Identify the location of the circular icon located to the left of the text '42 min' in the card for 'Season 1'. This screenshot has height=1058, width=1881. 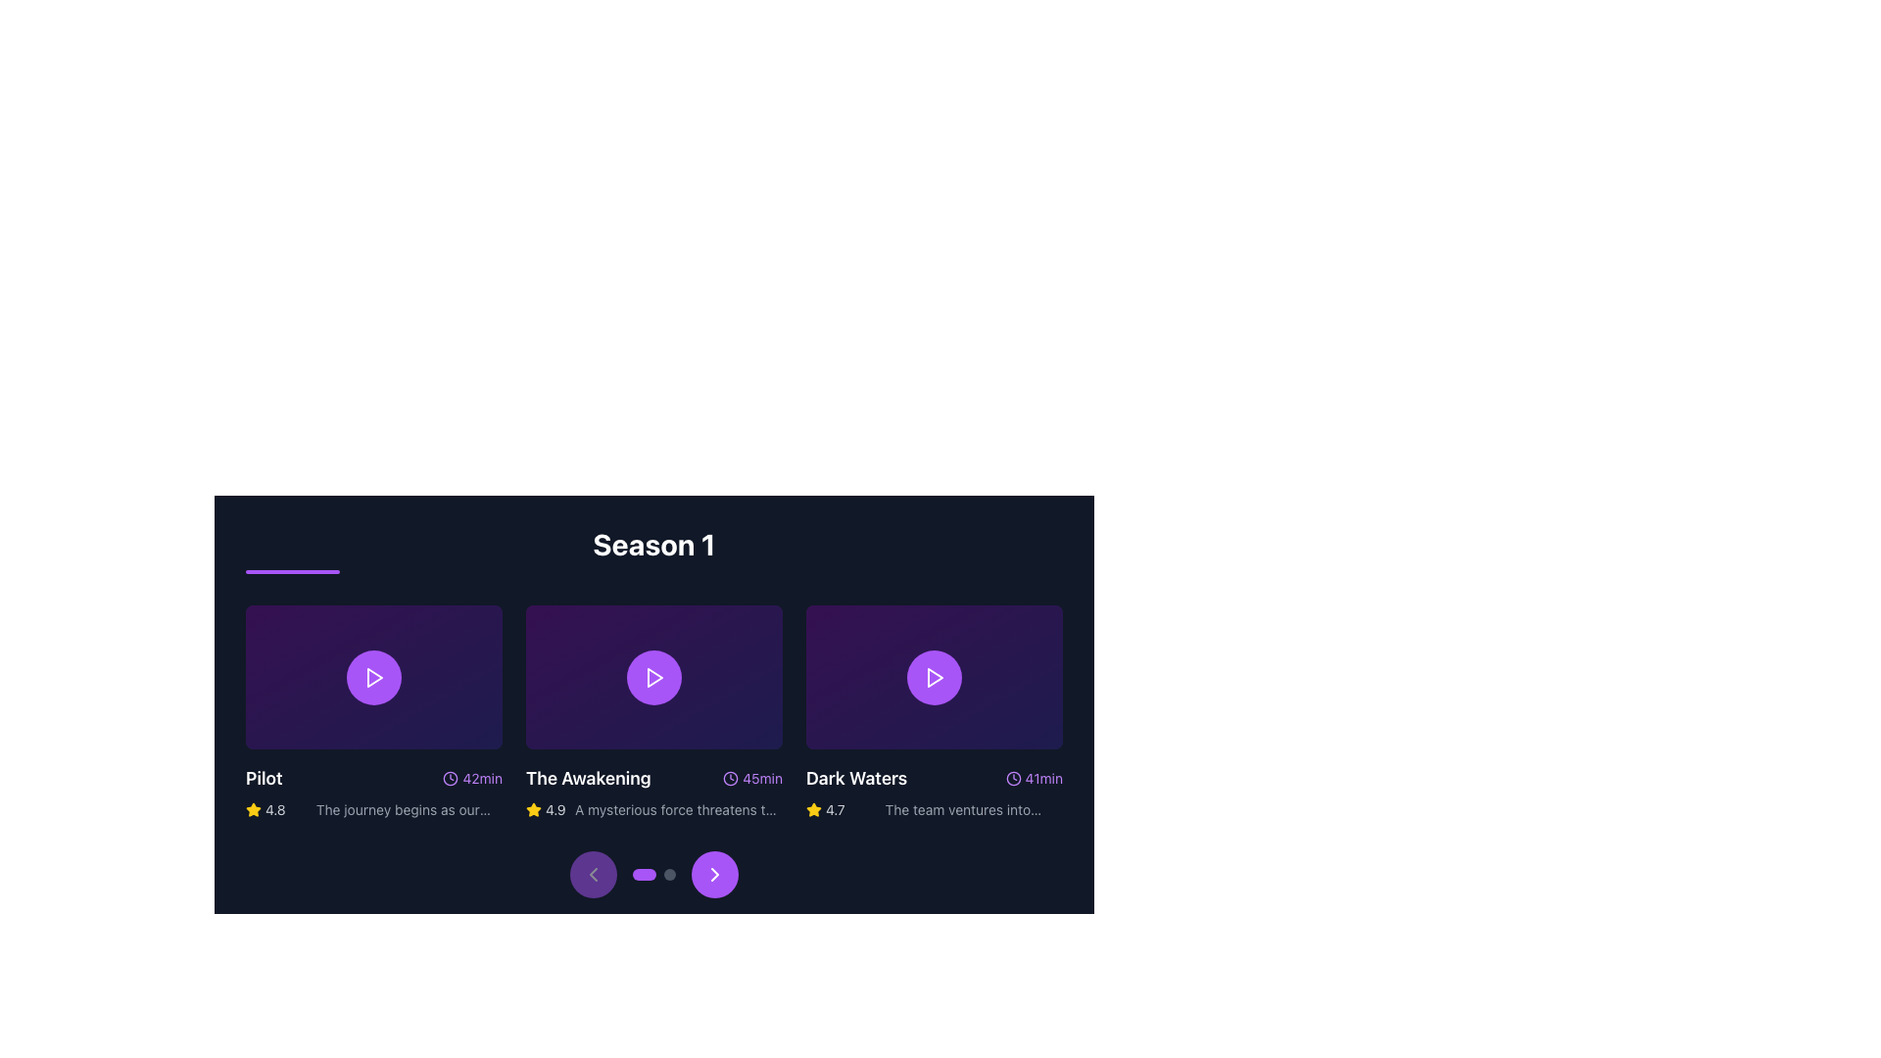
(450, 778).